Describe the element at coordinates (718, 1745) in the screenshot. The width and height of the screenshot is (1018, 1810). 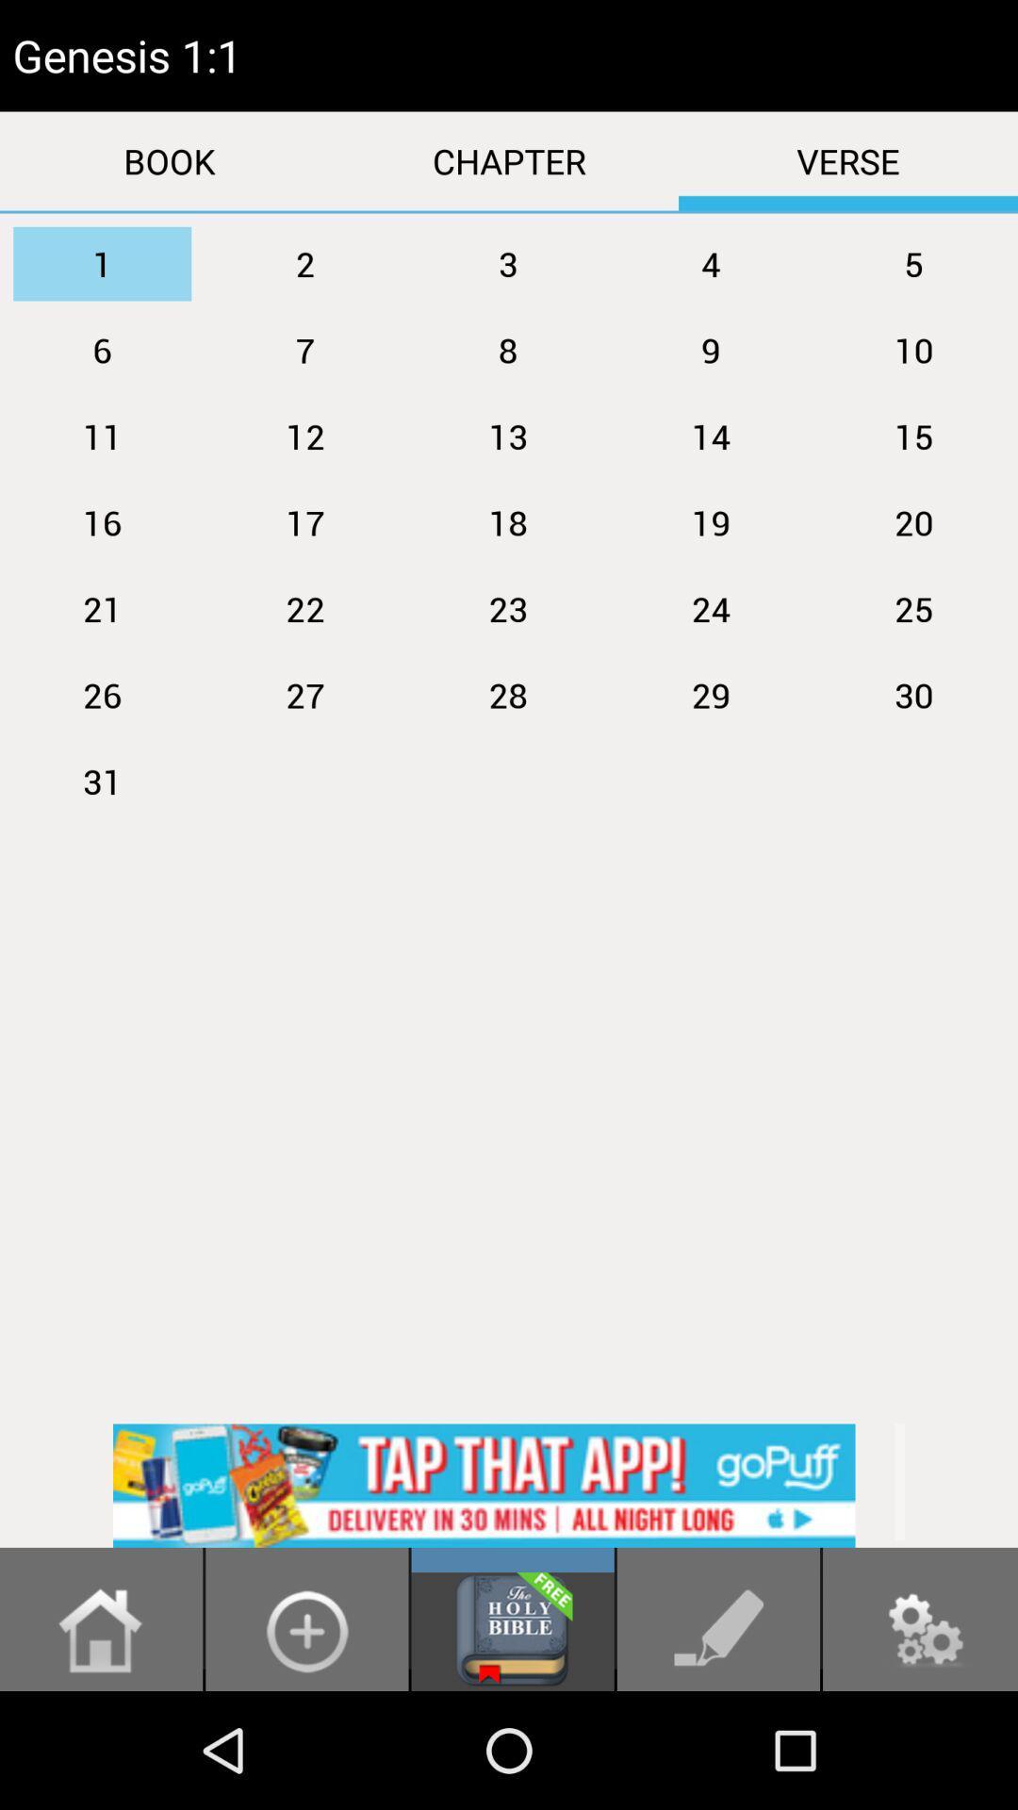
I see `the edit icon` at that location.